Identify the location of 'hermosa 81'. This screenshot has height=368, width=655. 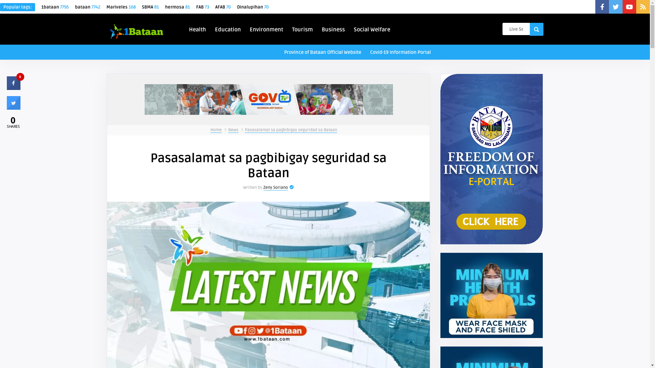
(177, 7).